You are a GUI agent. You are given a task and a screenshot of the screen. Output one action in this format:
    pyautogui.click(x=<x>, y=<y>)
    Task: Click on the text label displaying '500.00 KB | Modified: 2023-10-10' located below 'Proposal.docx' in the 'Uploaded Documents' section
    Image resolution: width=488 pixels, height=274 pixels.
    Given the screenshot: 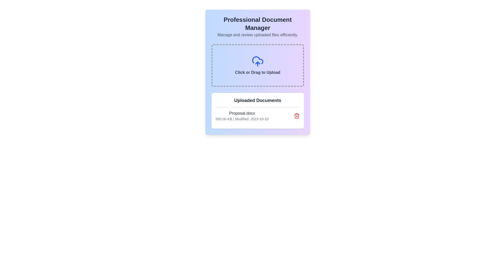 What is the action you would take?
    pyautogui.click(x=242, y=119)
    